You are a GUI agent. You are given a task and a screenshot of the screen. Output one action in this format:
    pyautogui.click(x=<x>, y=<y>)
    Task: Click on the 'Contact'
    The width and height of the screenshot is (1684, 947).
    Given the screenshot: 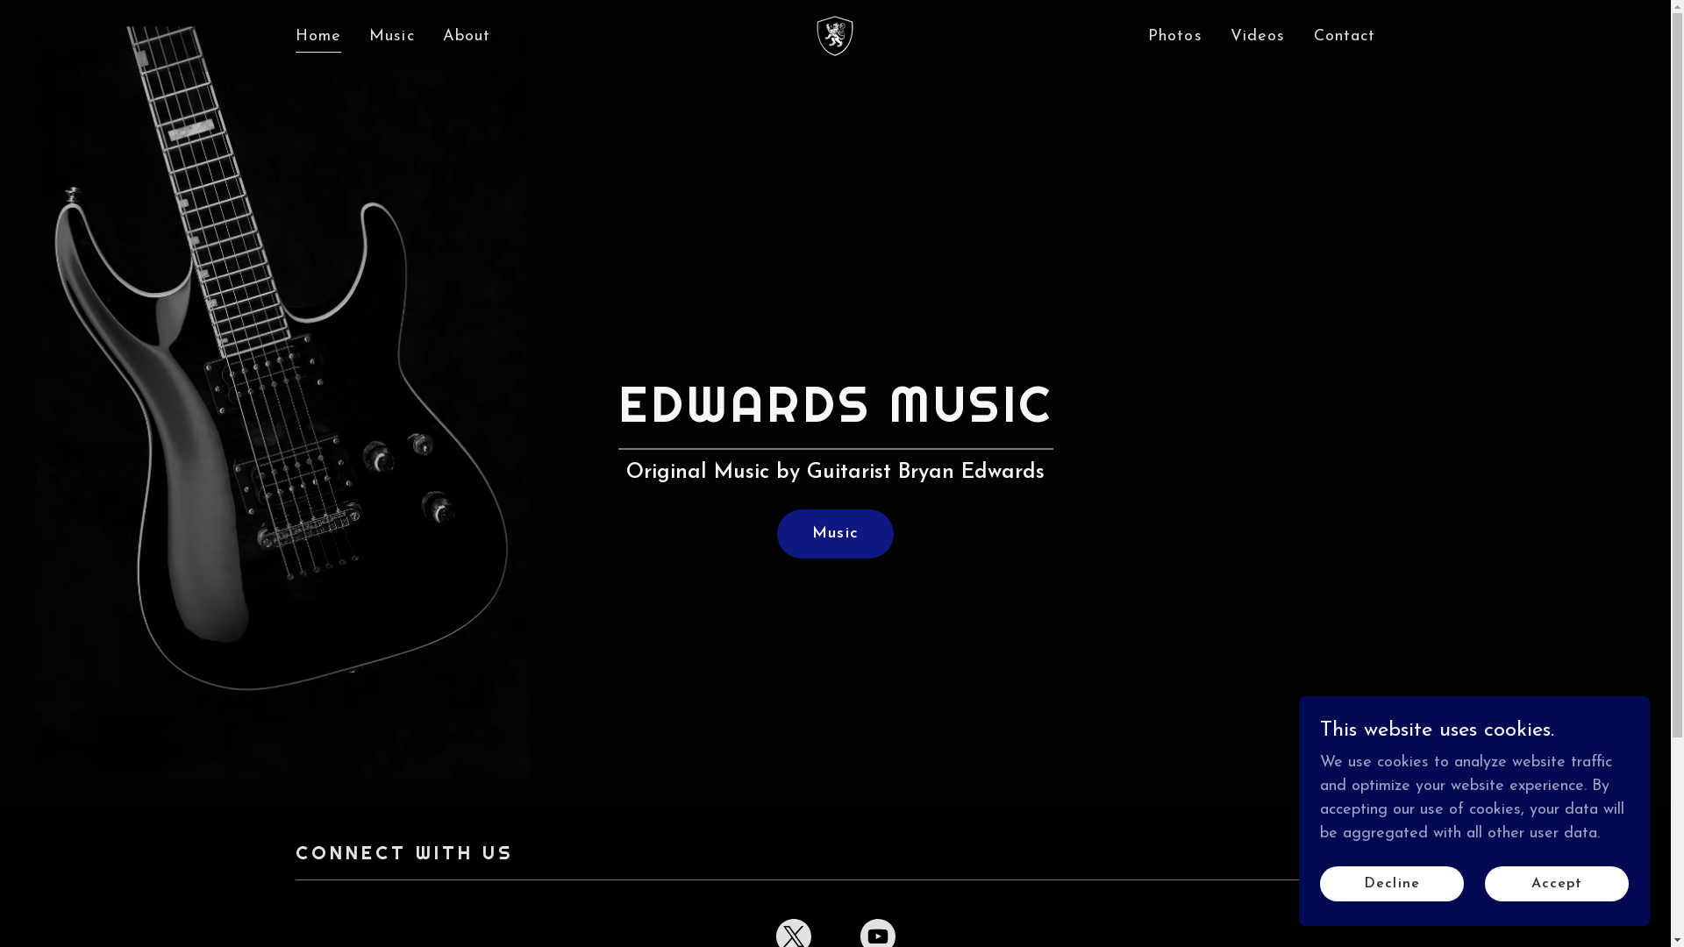 What is the action you would take?
    pyautogui.click(x=1309, y=36)
    